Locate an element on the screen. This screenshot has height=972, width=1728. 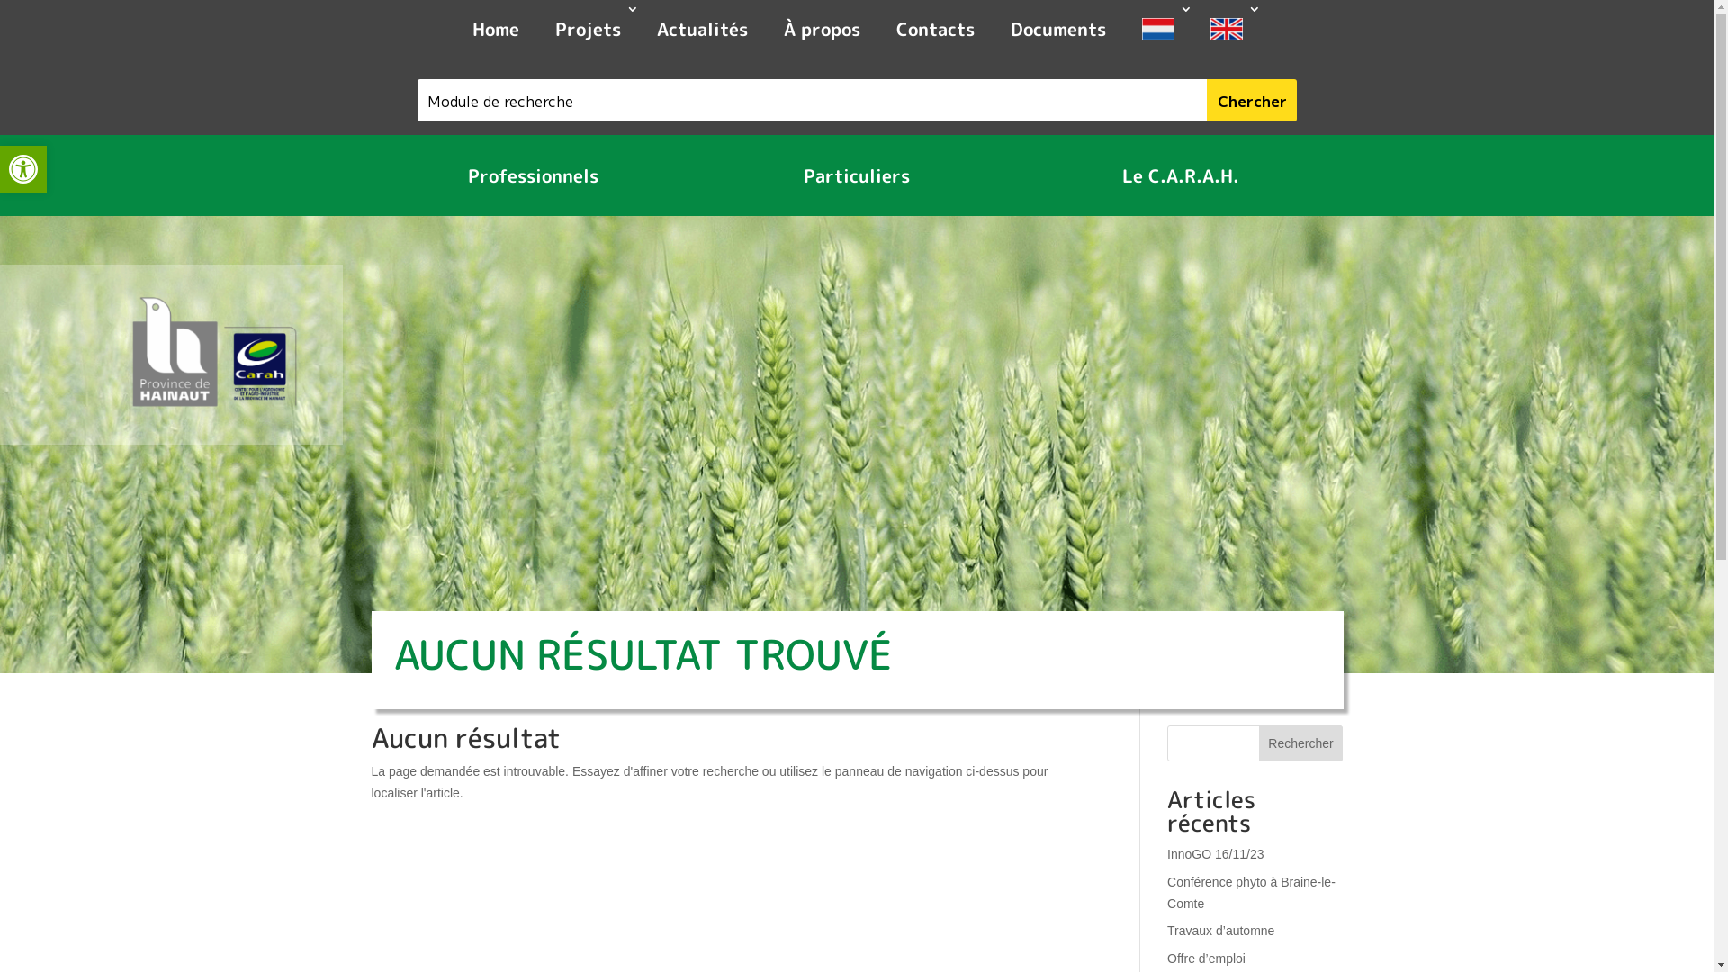
'Particuliers' is located at coordinates (786, 175).